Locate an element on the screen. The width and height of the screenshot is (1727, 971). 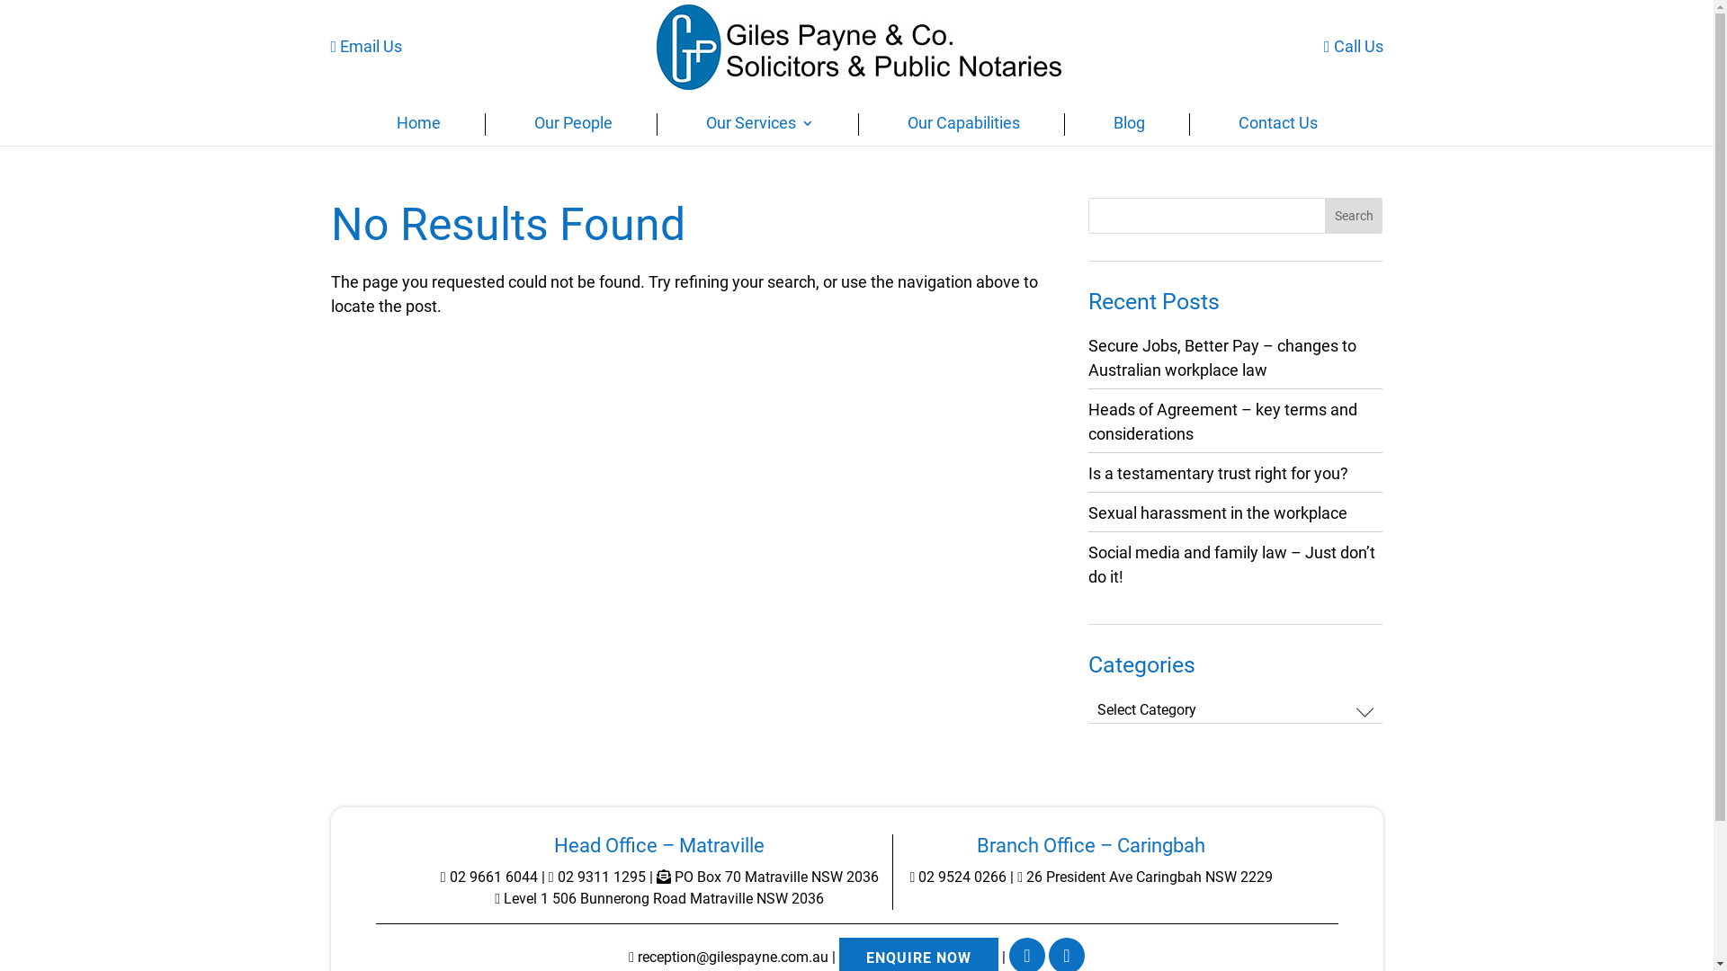
'Contact Us' is located at coordinates (1276, 127).